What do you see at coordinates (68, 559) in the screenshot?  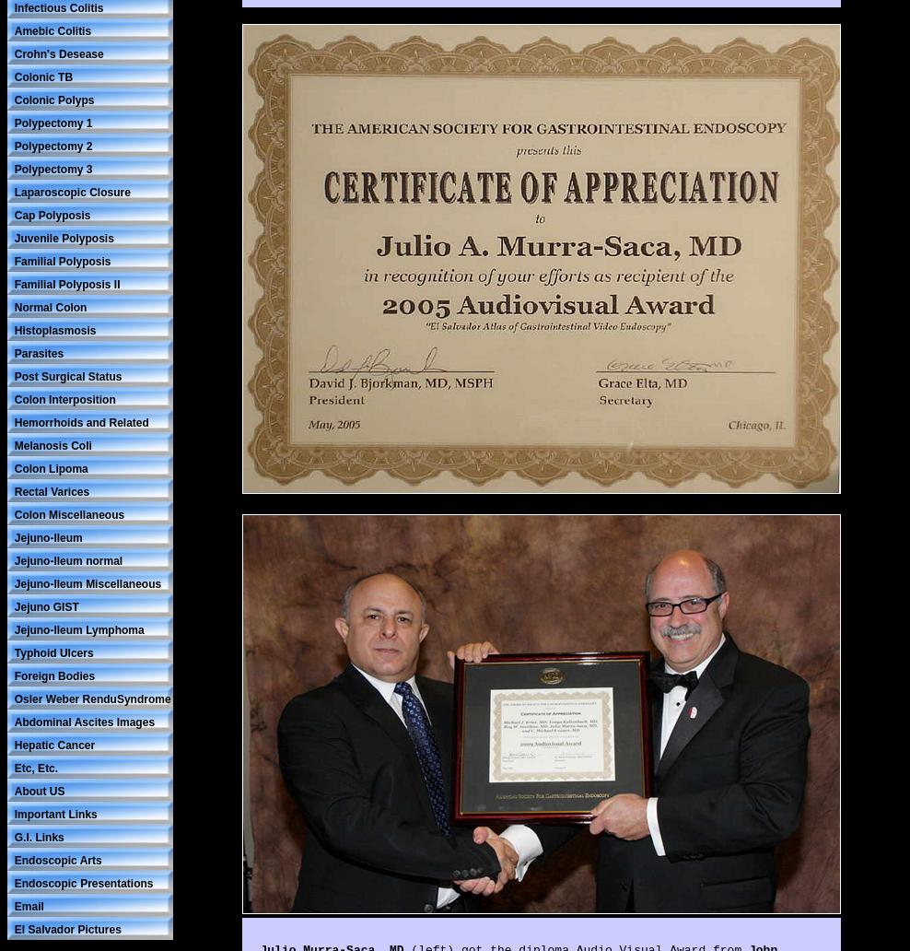 I see `'Jejuno-lleum normal'` at bounding box center [68, 559].